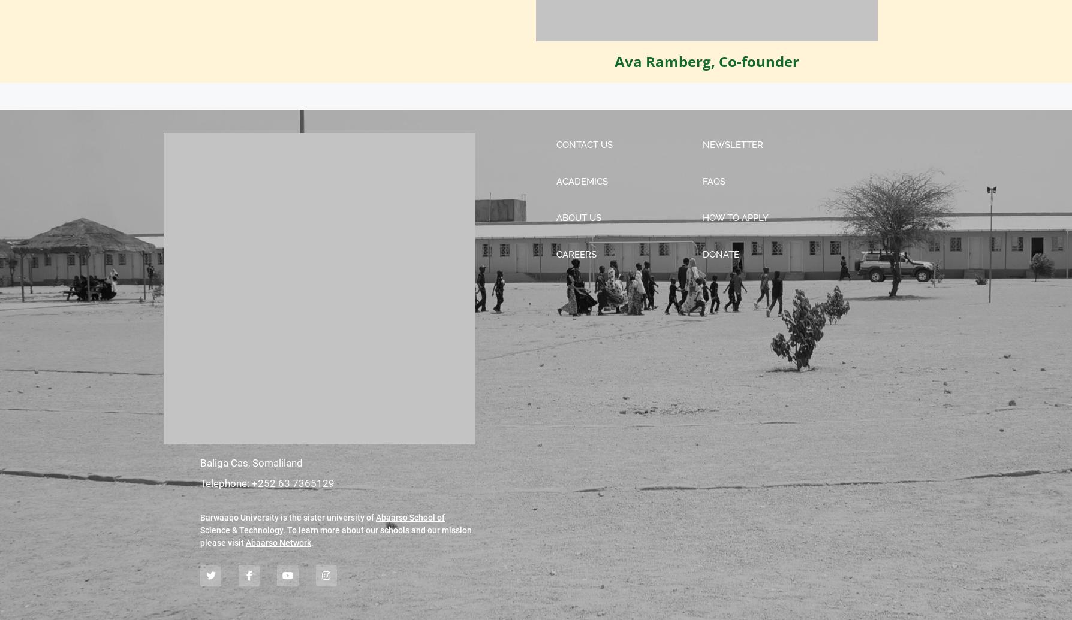 The width and height of the screenshot is (1072, 620). What do you see at coordinates (288, 517) in the screenshot?
I see `'Barwaaqo University is the sister university of'` at bounding box center [288, 517].